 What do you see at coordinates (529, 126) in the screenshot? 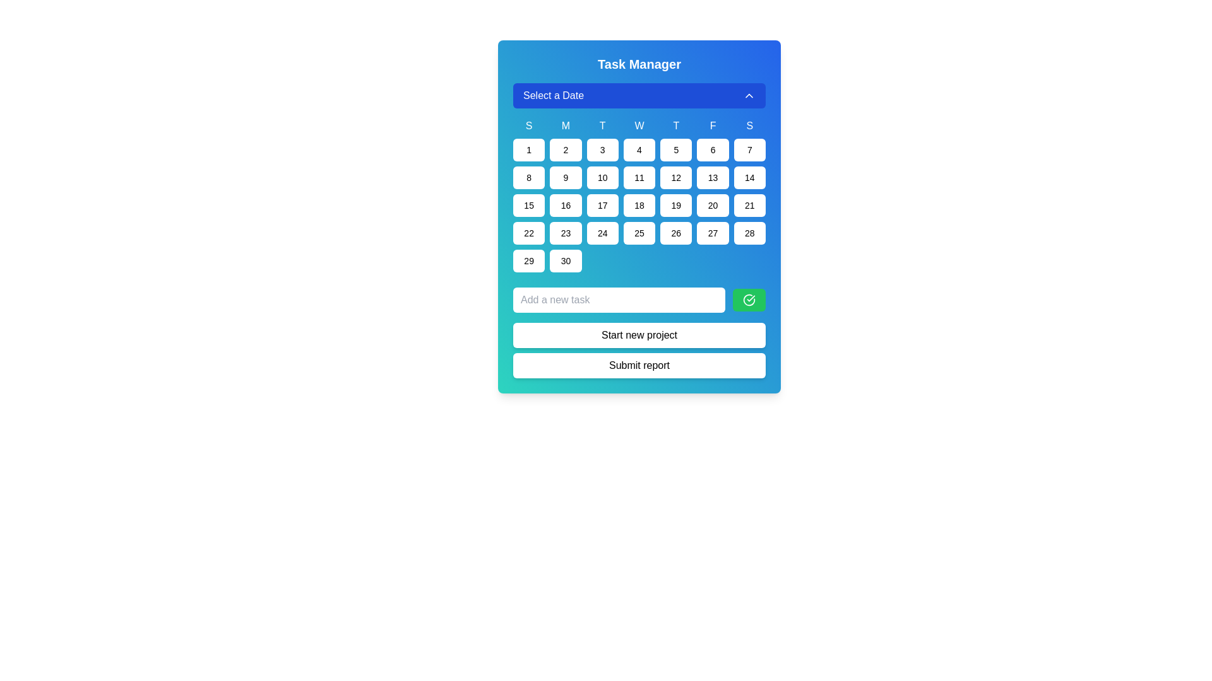
I see `the 'Sunday' label in the calendar interface, which is the first element in a row of seven elements at the top of the calendar grid` at bounding box center [529, 126].